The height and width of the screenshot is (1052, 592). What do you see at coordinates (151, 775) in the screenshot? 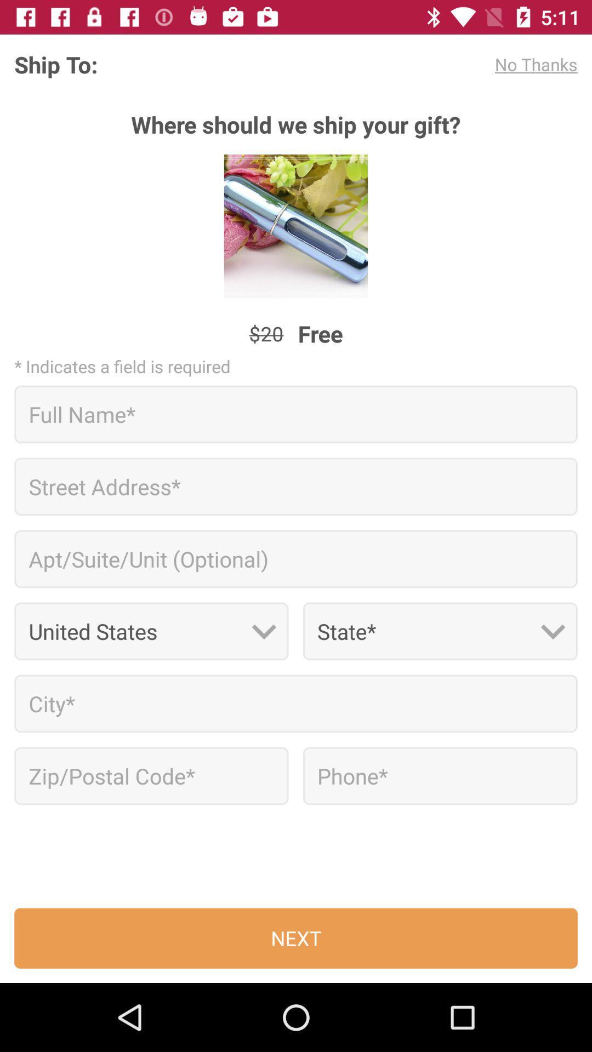
I see `zip code` at bounding box center [151, 775].